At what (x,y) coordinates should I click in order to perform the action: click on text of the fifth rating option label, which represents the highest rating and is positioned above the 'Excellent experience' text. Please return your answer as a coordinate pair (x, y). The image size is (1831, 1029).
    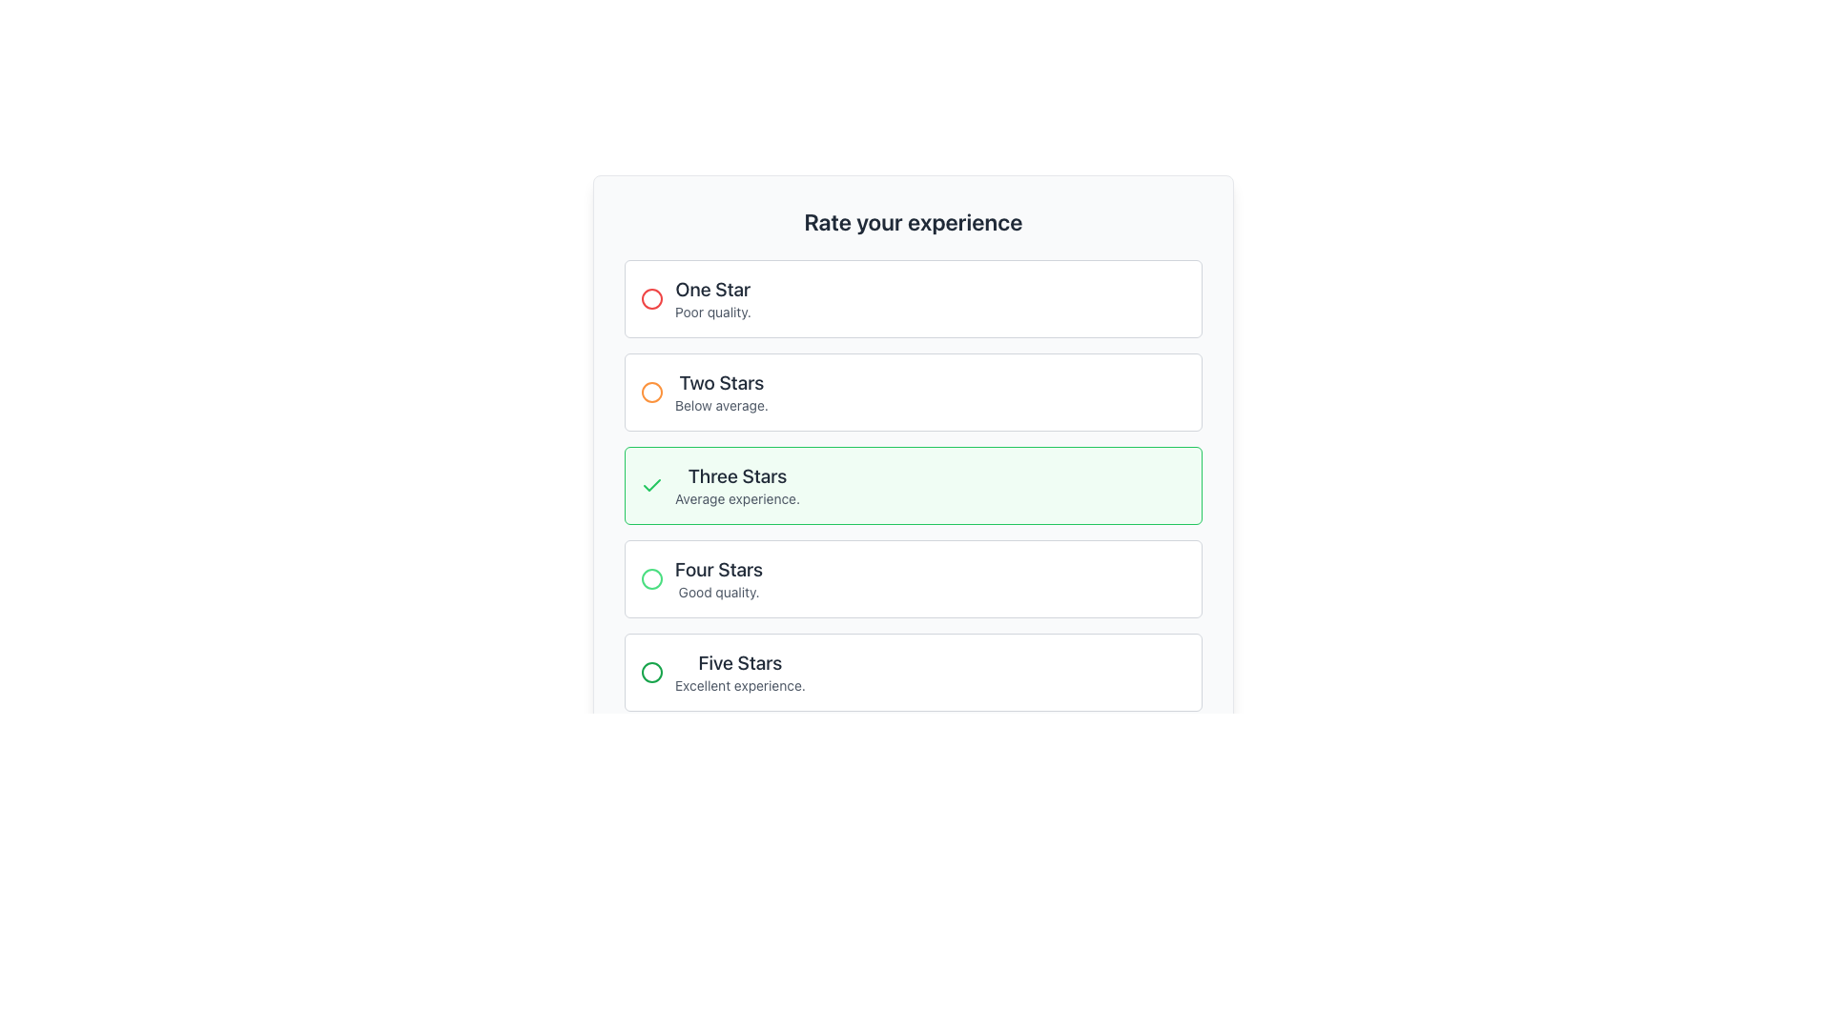
    Looking at the image, I should click on (739, 661).